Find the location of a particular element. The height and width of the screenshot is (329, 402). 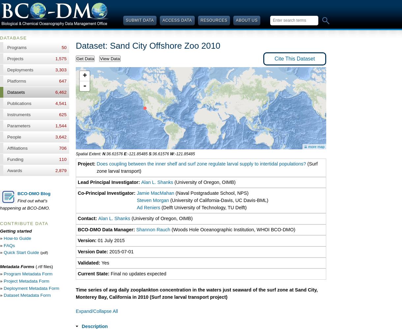

'Yes' is located at coordinates (105, 263).